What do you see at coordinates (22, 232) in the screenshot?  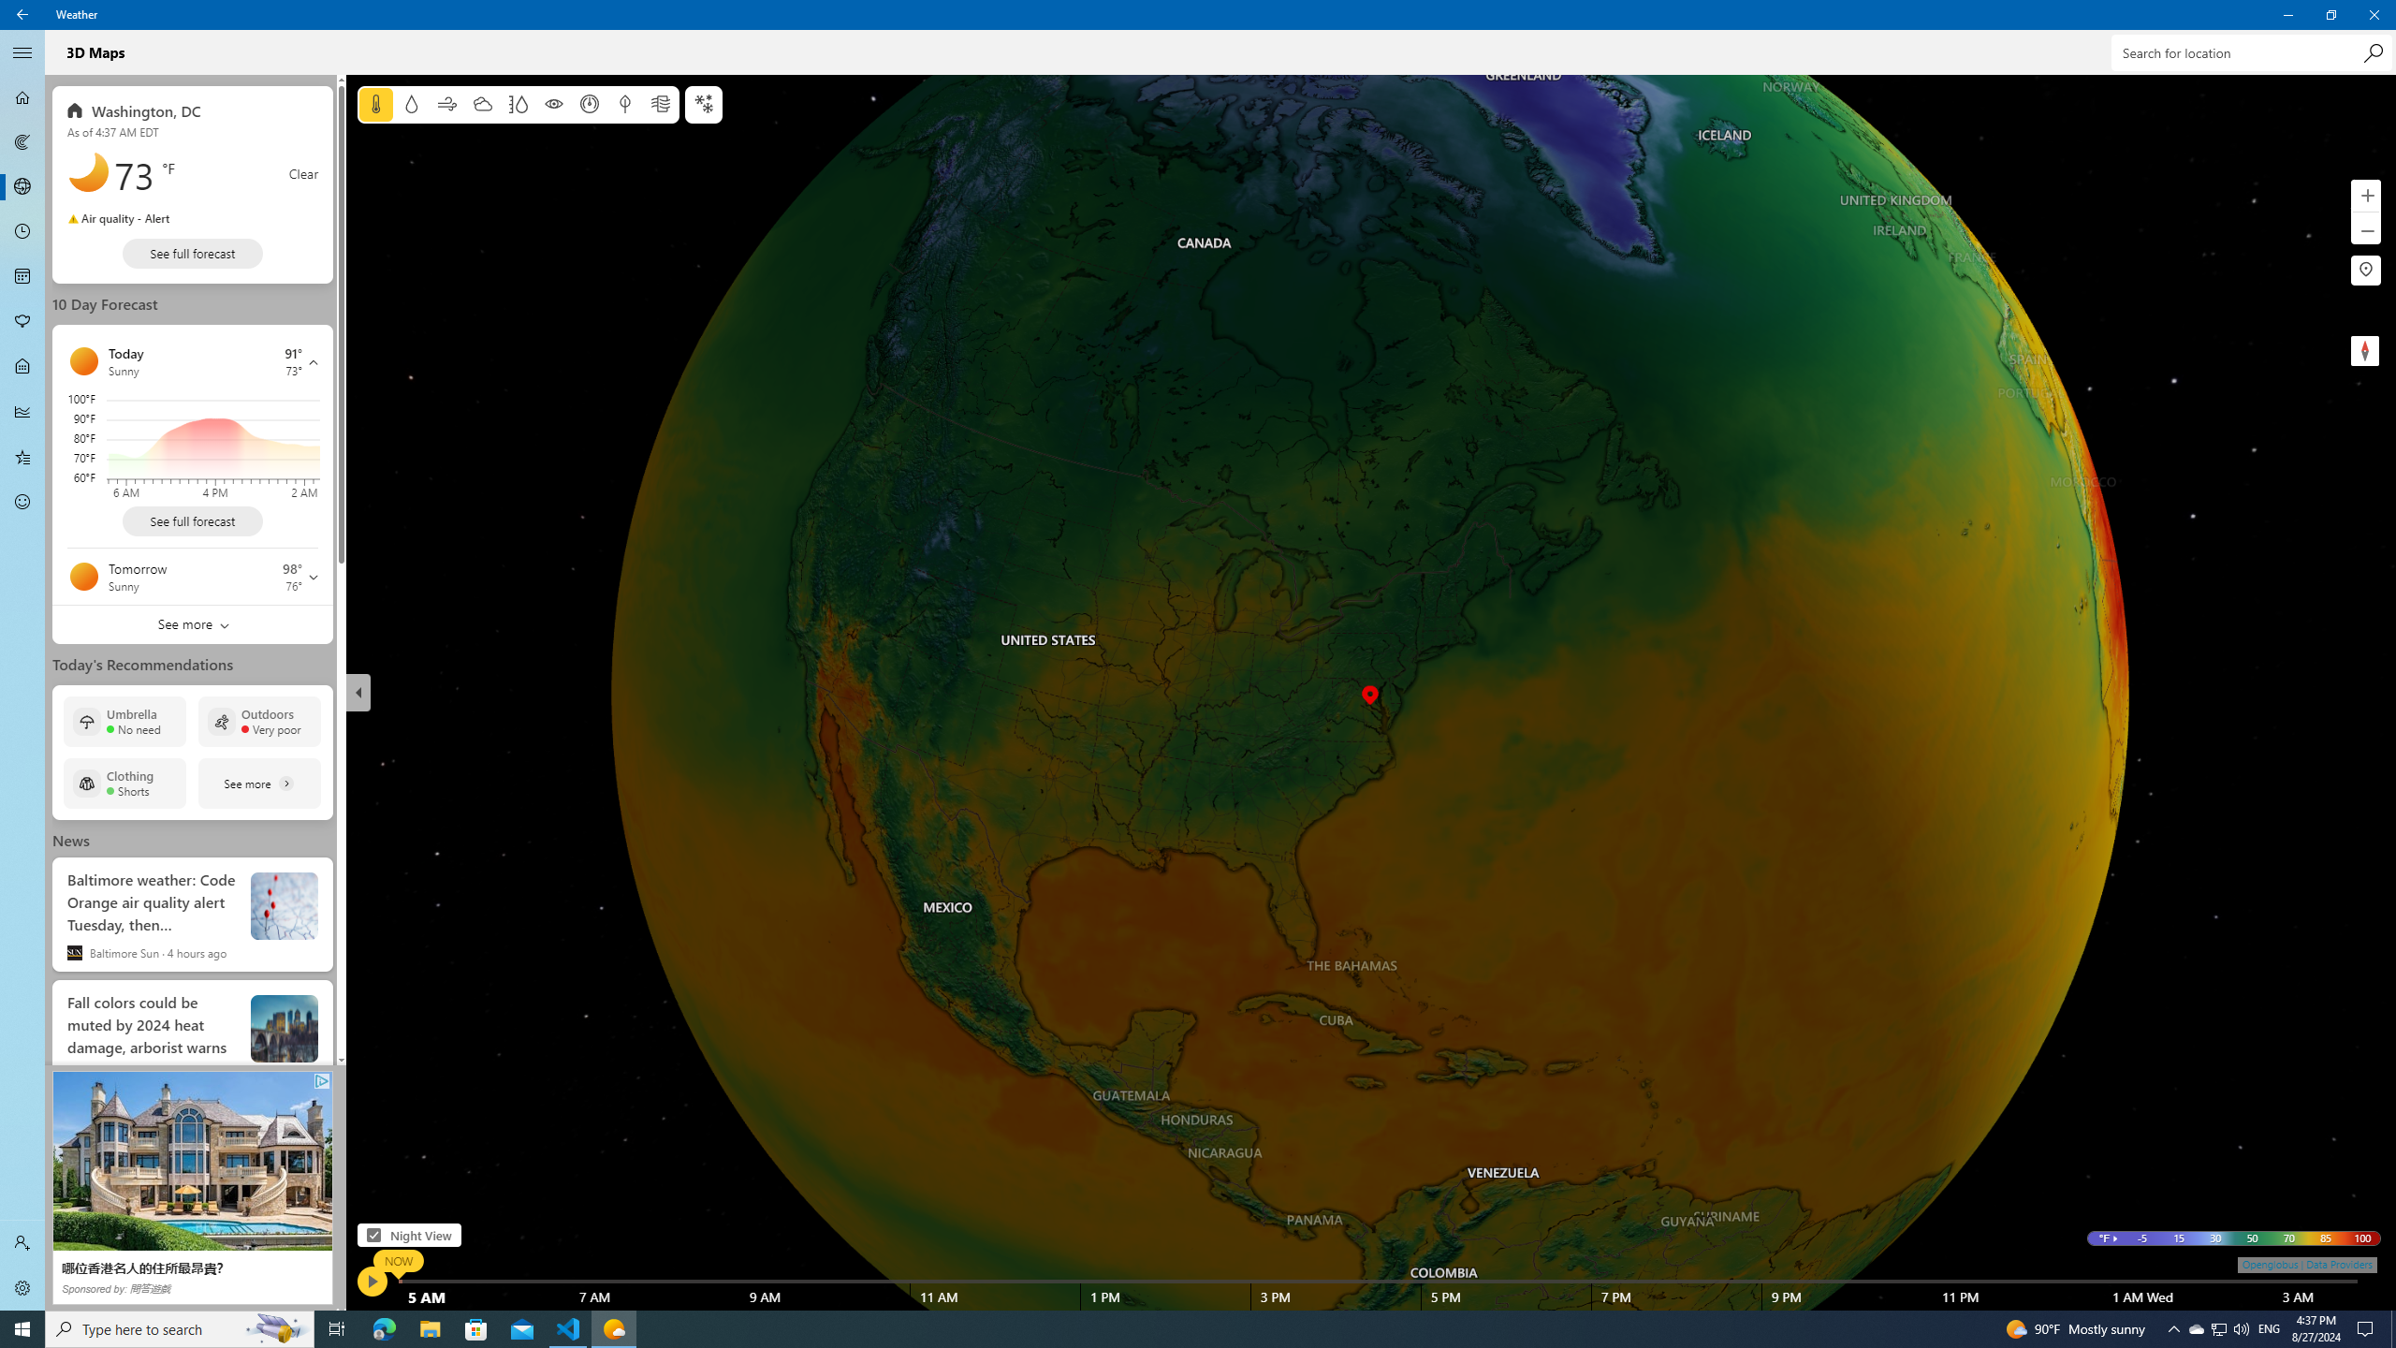 I see `'Hourly Forecast - Not Selected'` at bounding box center [22, 232].